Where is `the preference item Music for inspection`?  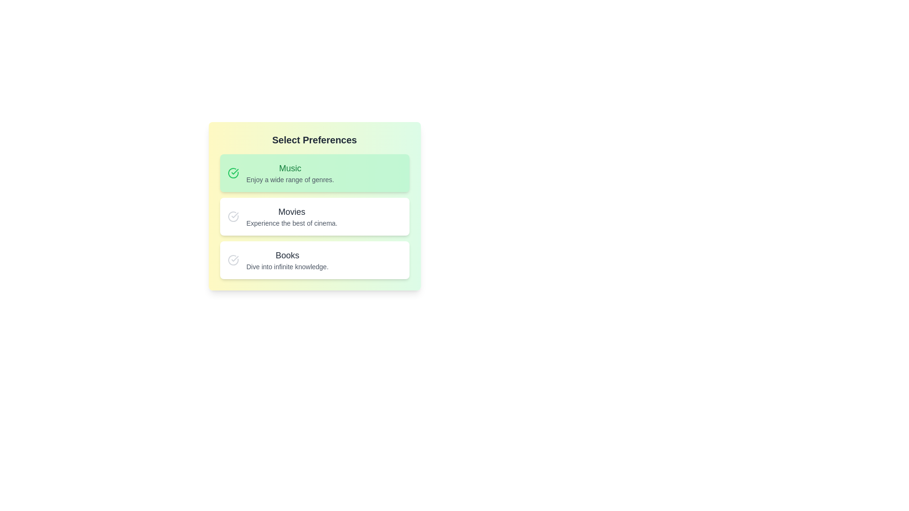 the preference item Music for inspection is located at coordinates (314, 173).